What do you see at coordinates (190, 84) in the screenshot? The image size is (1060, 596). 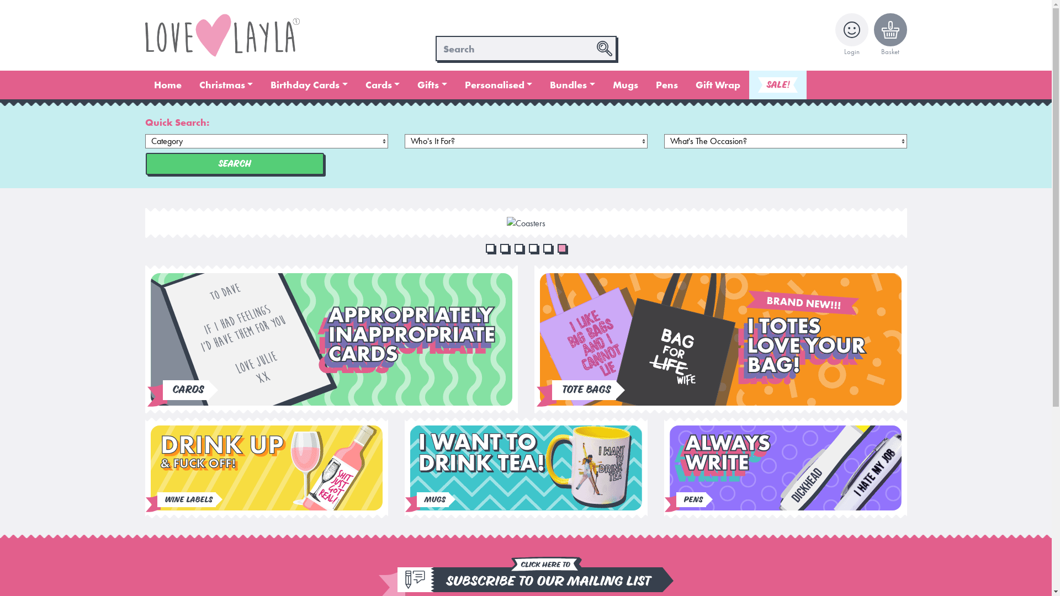 I see `'Christmas'` at bounding box center [190, 84].